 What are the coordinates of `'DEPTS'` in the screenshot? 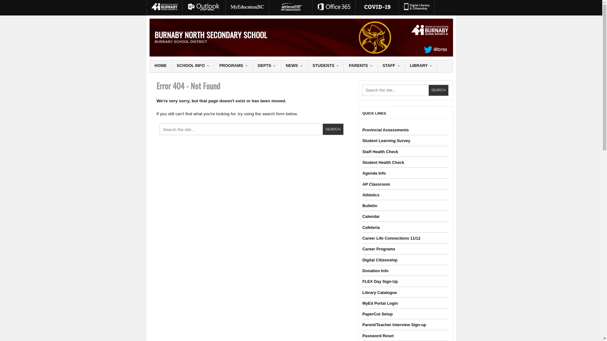 It's located at (253, 66).